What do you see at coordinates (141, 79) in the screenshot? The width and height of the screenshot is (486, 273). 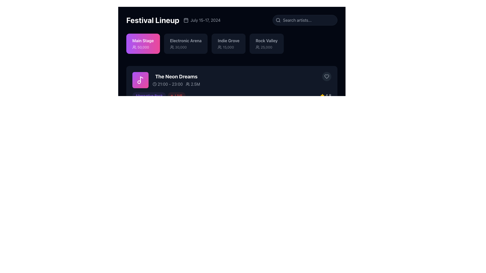 I see `the elongated vertical line of the musical note icon within the highlighted purple box of 'The Neon Dreams' section` at bounding box center [141, 79].